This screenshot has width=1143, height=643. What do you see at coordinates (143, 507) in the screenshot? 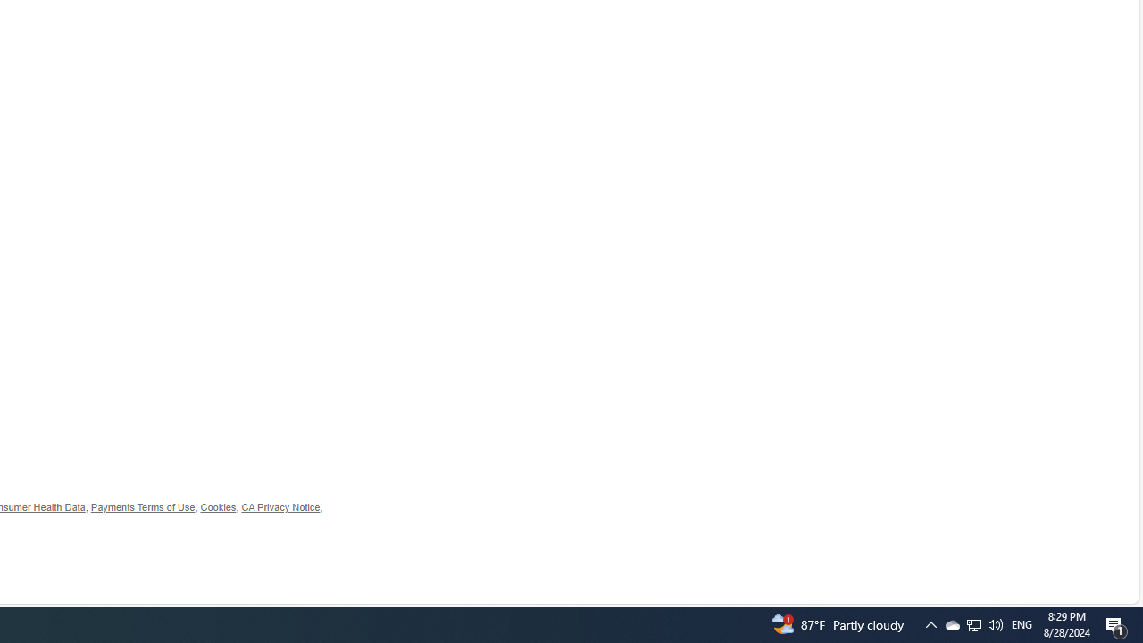
I see `'Payments Terms of Use'` at bounding box center [143, 507].